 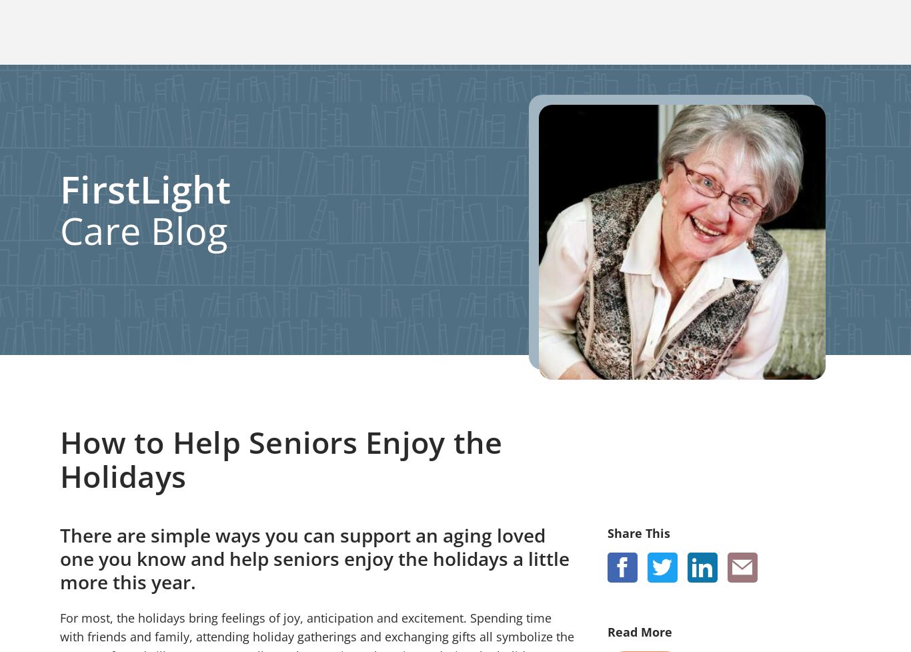 What do you see at coordinates (676, 31) in the screenshot?
I see `'Locations'` at bounding box center [676, 31].